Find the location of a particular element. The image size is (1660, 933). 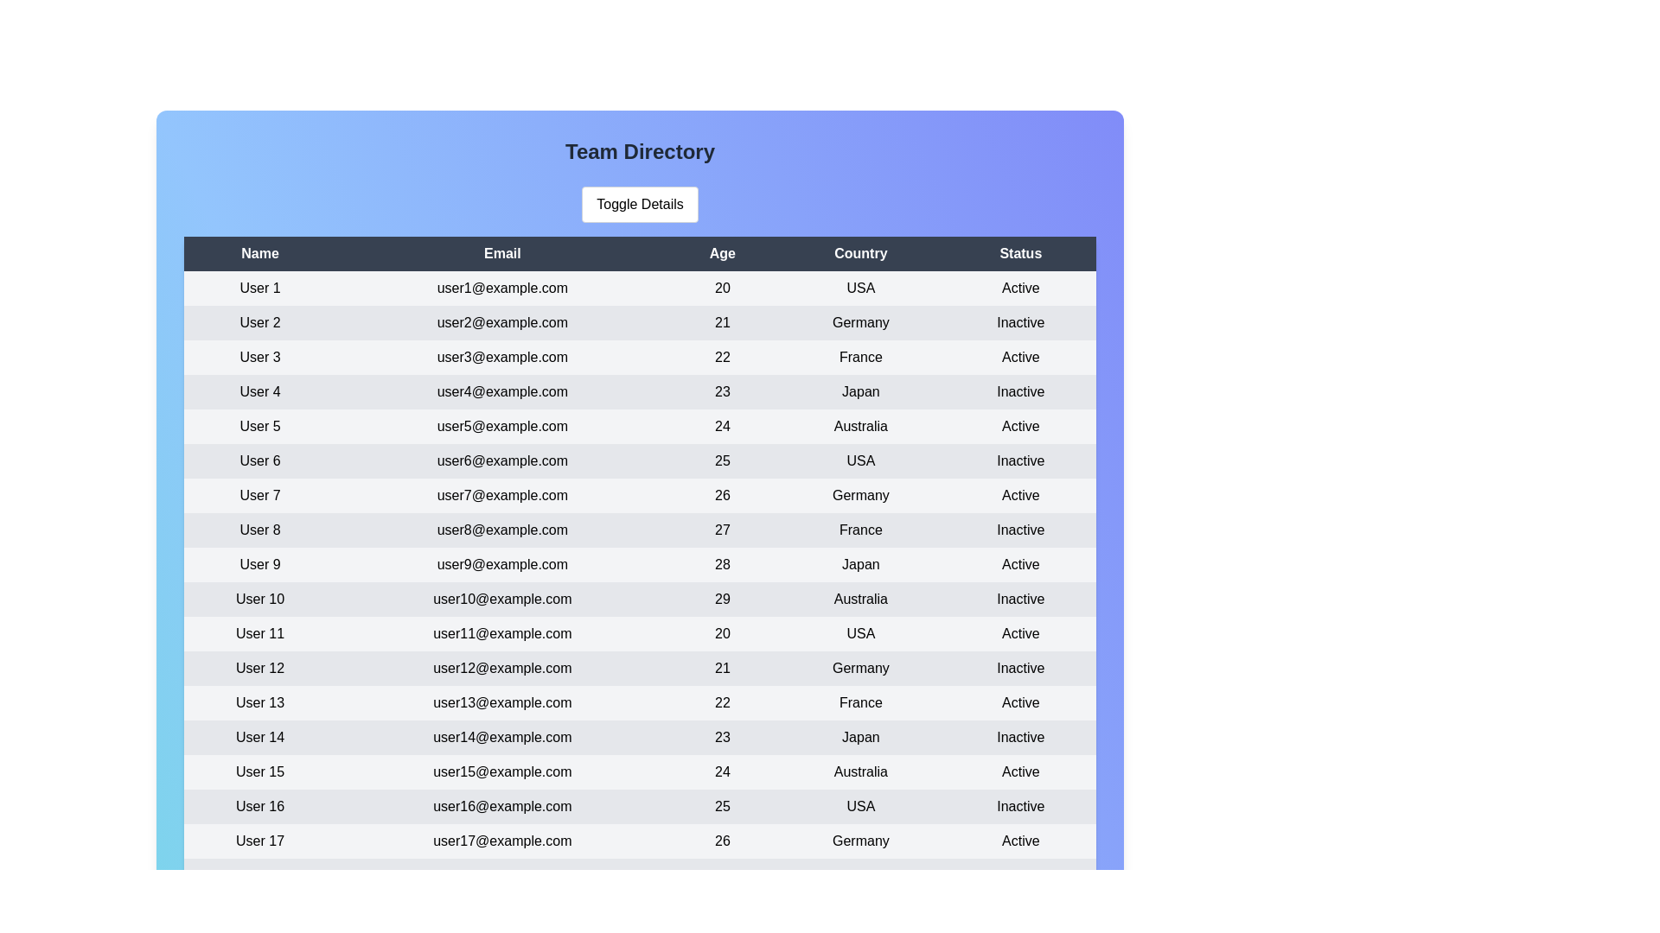

the header Country to sort the table by that column is located at coordinates (859, 253).